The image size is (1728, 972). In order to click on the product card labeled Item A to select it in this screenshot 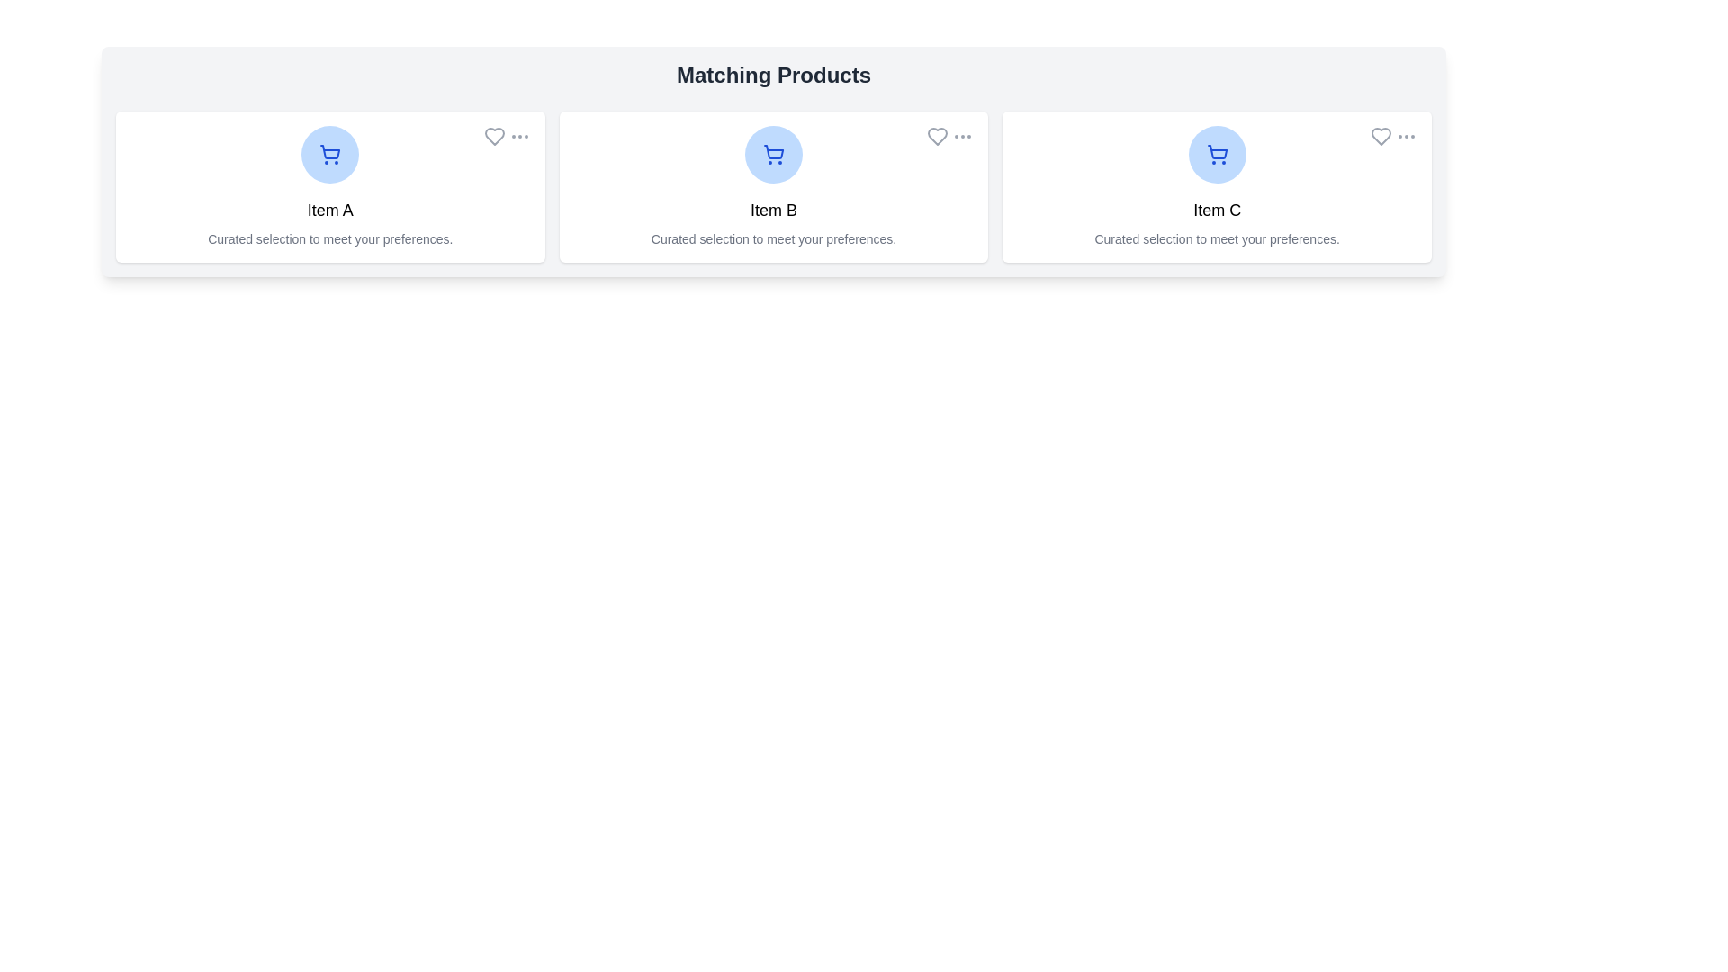, I will do `click(329, 187)`.